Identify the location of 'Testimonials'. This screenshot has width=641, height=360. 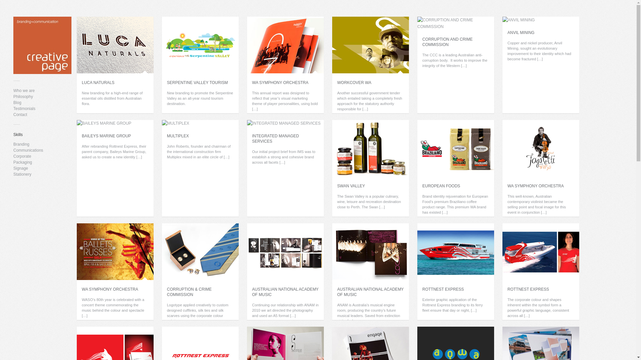
(24, 108).